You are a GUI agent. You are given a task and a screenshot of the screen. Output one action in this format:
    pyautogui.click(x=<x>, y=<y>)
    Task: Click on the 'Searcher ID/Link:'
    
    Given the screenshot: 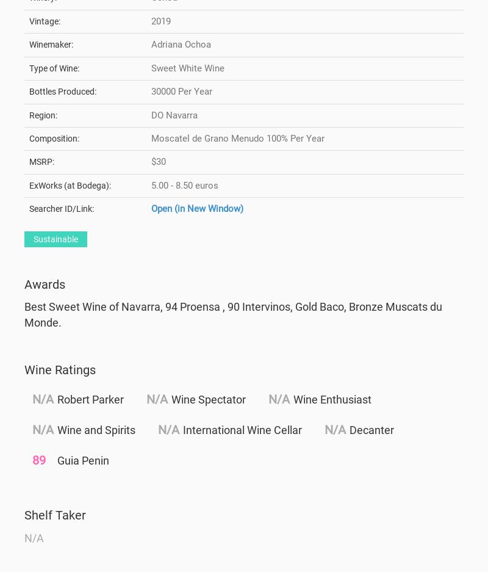 What is the action you would take?
    pyautogui.click(x=29, y=209)
    